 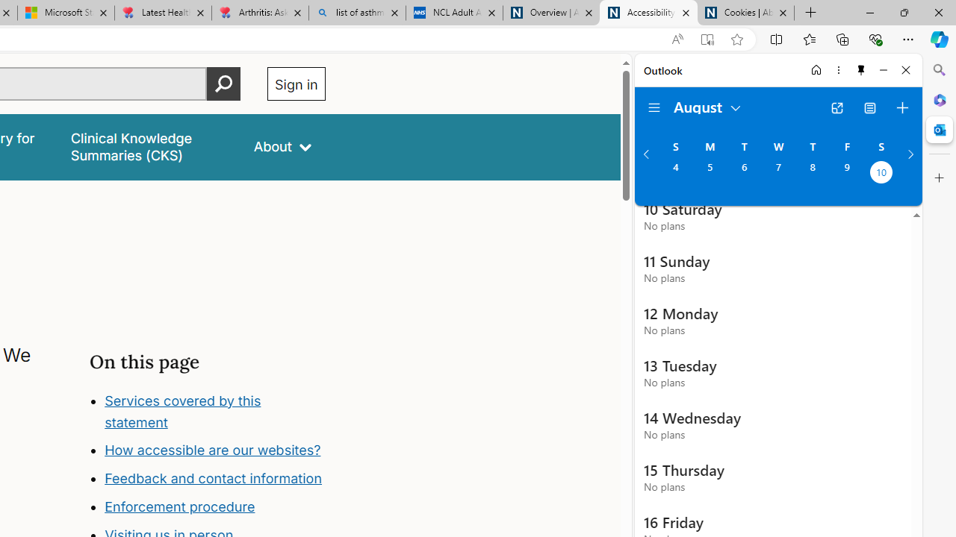 What do you see at coordinates (674, 173) in the screenshot?
I see `'Sunday, August 4, 2024. '` at bounding box center [674, 173].